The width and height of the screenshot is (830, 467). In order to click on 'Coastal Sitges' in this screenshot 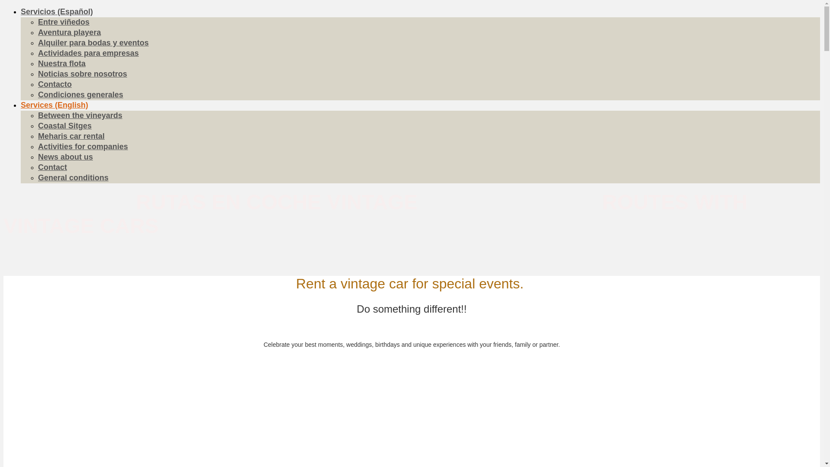, I will do `click(64, 125)`.